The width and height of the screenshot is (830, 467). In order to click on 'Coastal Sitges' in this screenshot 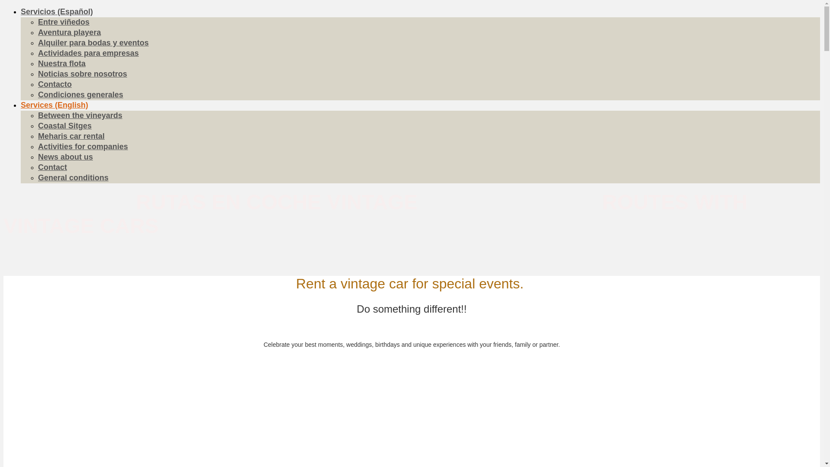, I will do `click(64, 125)`.